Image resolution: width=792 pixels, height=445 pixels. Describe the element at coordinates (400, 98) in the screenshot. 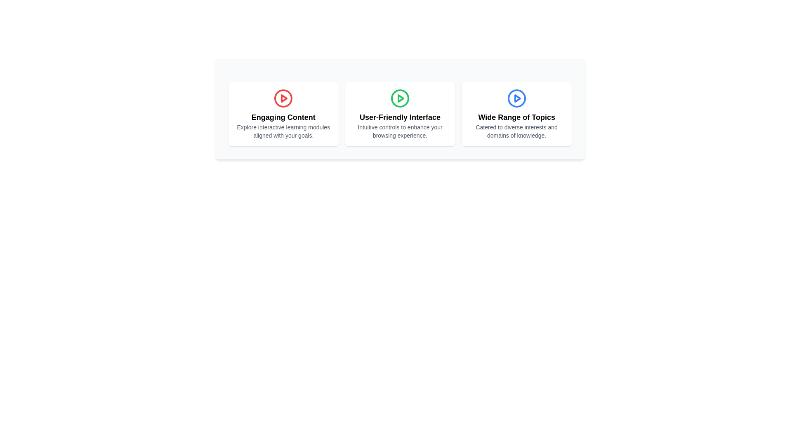

I see `the play icon button located at the top of the 'User-Friendly Interface' card` at that location.